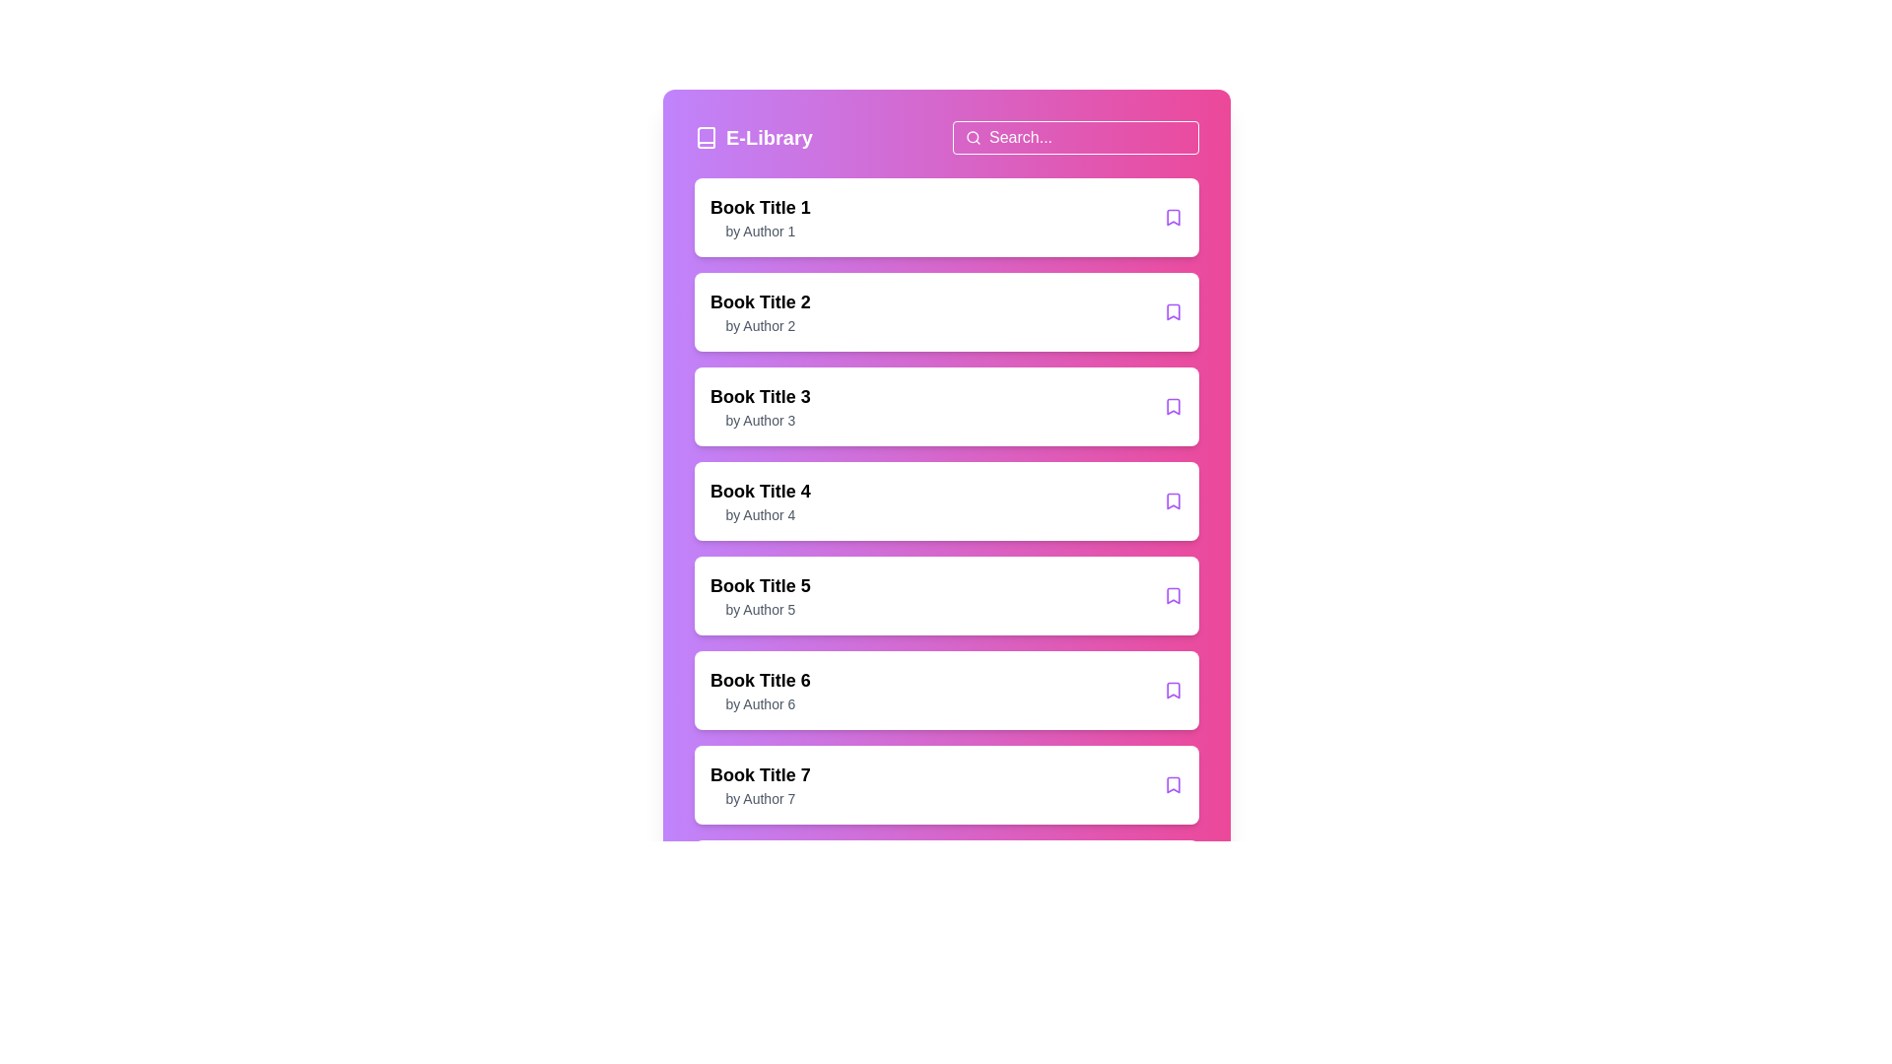 The width and height of the screenshot is (1892, 1064). What do you see at coordinates (1173, 405) in the screenshot?
I see `the purple bookmark icon located at the far-right side of the card displaying 'Book Title 3' and 'by Author 3'` at bounding box center [1173, 405].